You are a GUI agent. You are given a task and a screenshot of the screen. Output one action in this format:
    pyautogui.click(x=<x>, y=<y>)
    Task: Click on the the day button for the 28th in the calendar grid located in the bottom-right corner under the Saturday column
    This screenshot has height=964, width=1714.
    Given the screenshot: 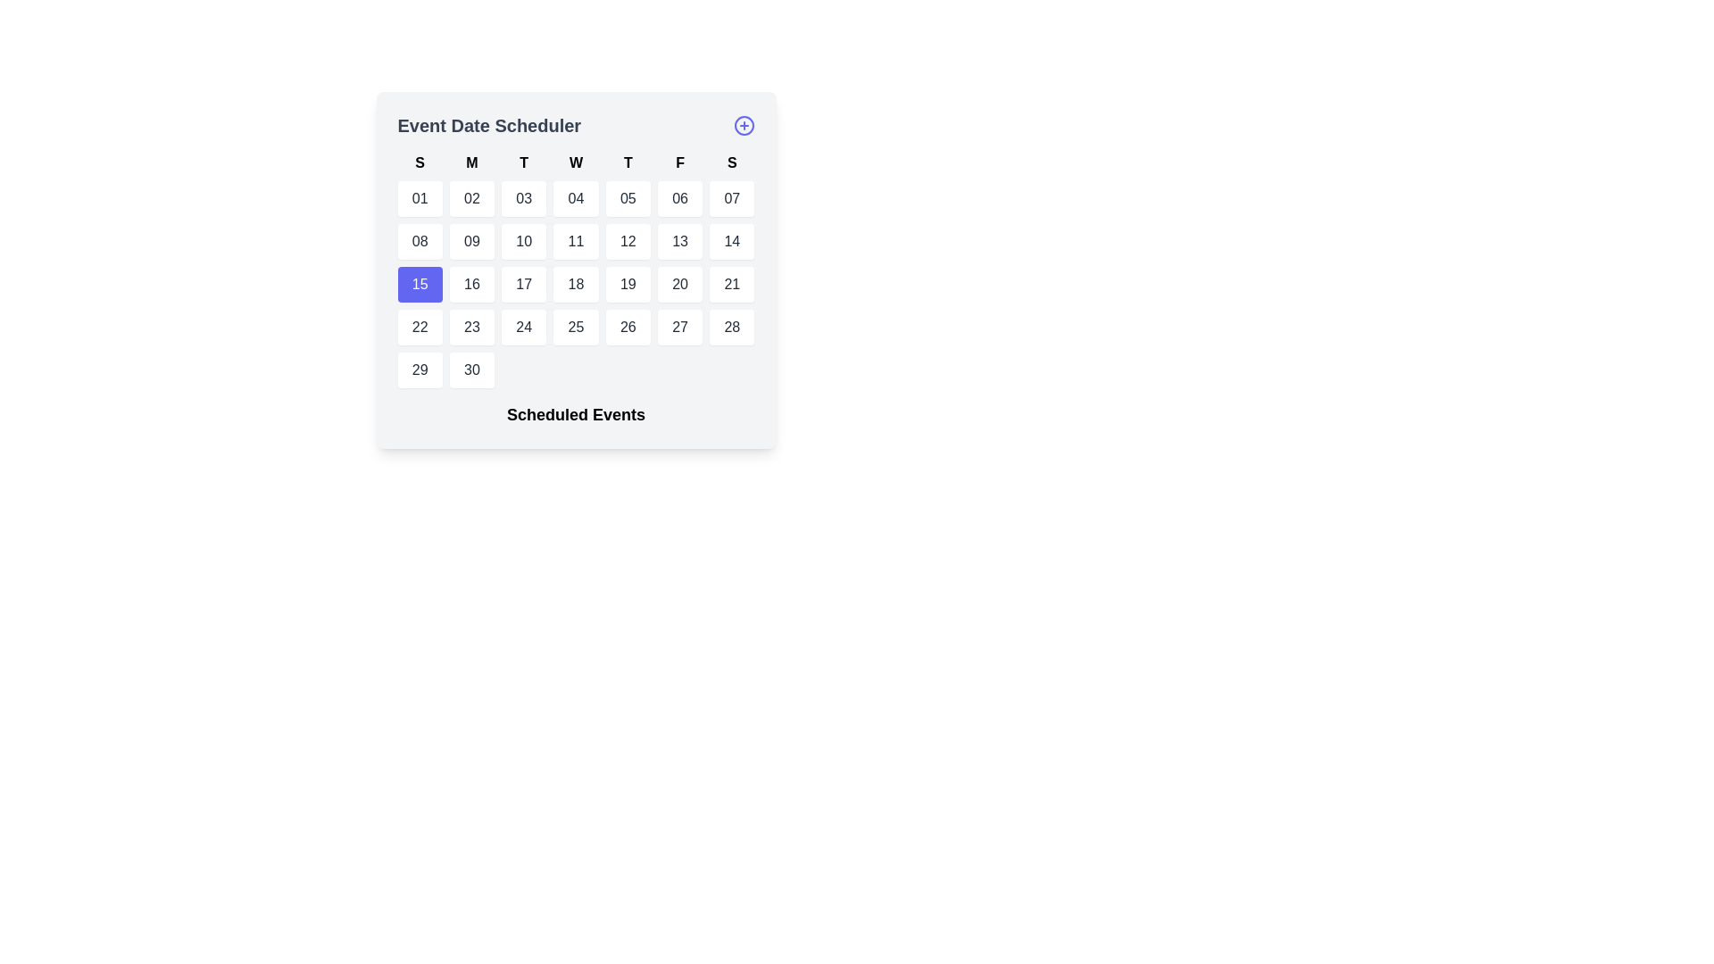 What is the action you would take?
    pyautogui.click(x=732, y=327)
    